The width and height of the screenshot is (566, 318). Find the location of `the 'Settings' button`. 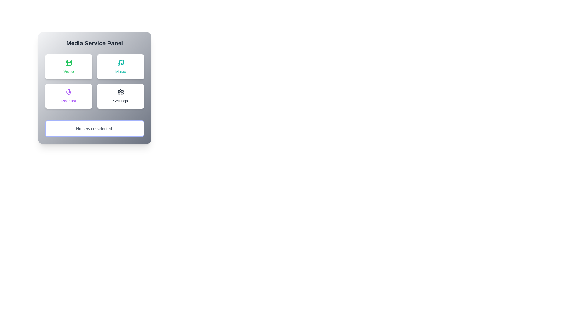

the 'Settings' button is located at coordinates (120, 96).